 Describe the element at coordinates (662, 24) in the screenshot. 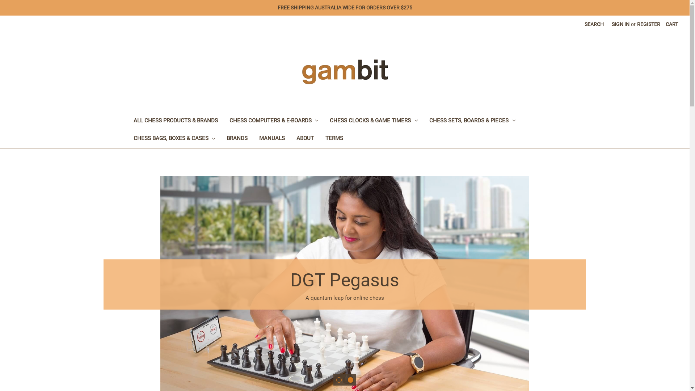

I see `'CART'` at that location.